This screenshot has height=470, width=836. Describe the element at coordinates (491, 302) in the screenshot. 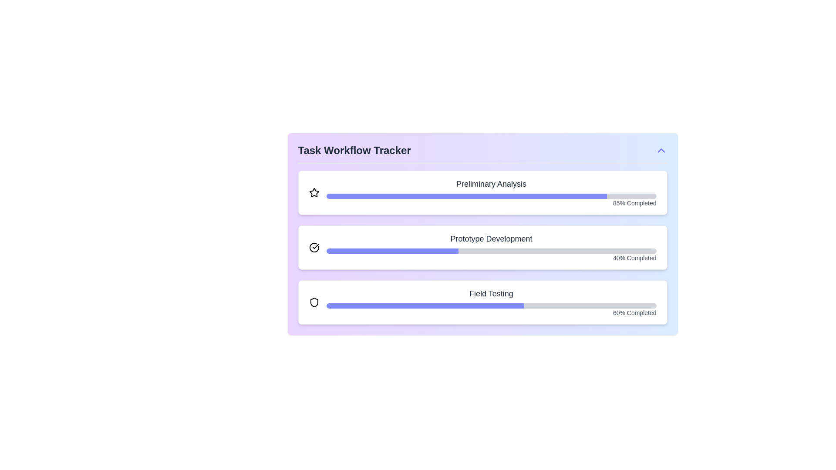

I see `progress percentage from the third progress bar representing 'Field Testing' under 'Prototype Development.'` at that location.